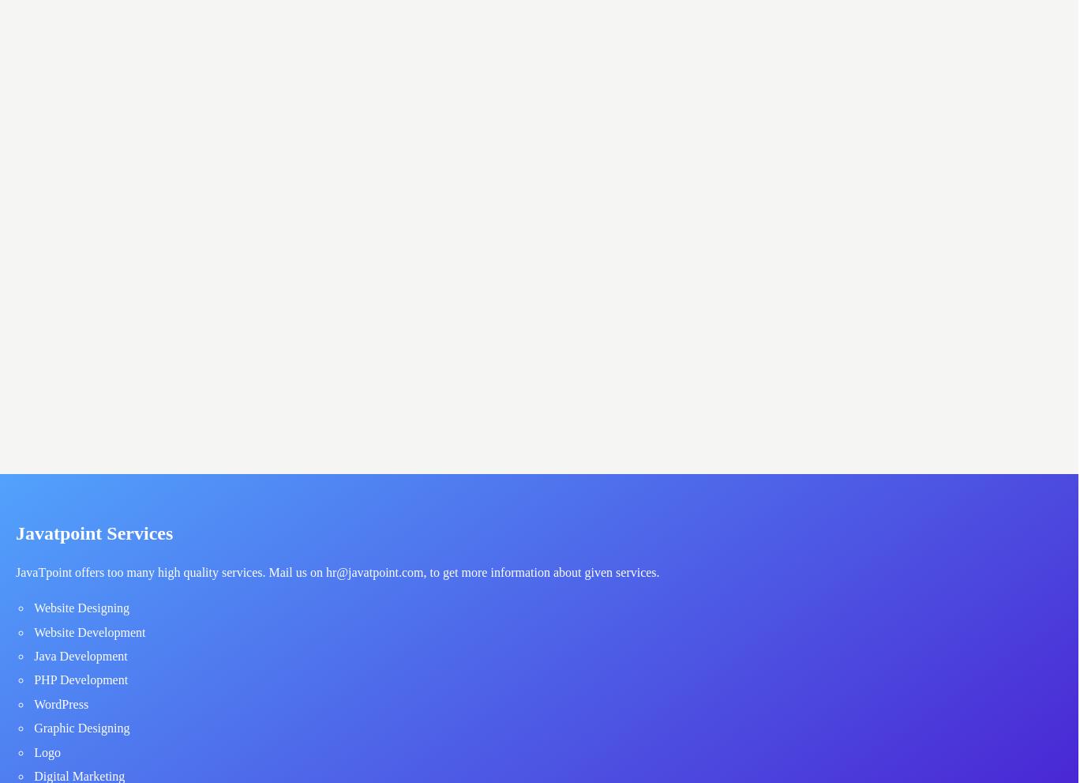 The image size is (1080, 783). What do you see at coordinates (422, 571) in the screenshot?
I see `', to get more information about given services.'` at bounding box center [422, 571].